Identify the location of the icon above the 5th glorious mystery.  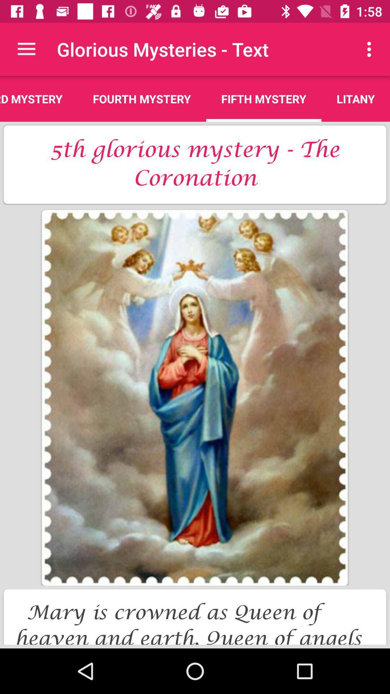
(264, 98).